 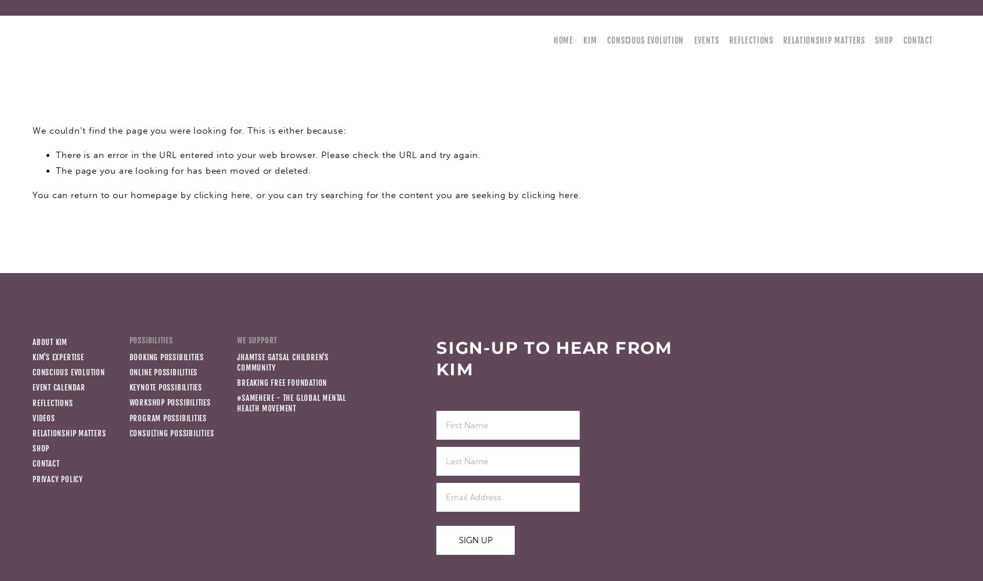 I want to click on '.', so click(x=579, y=194).